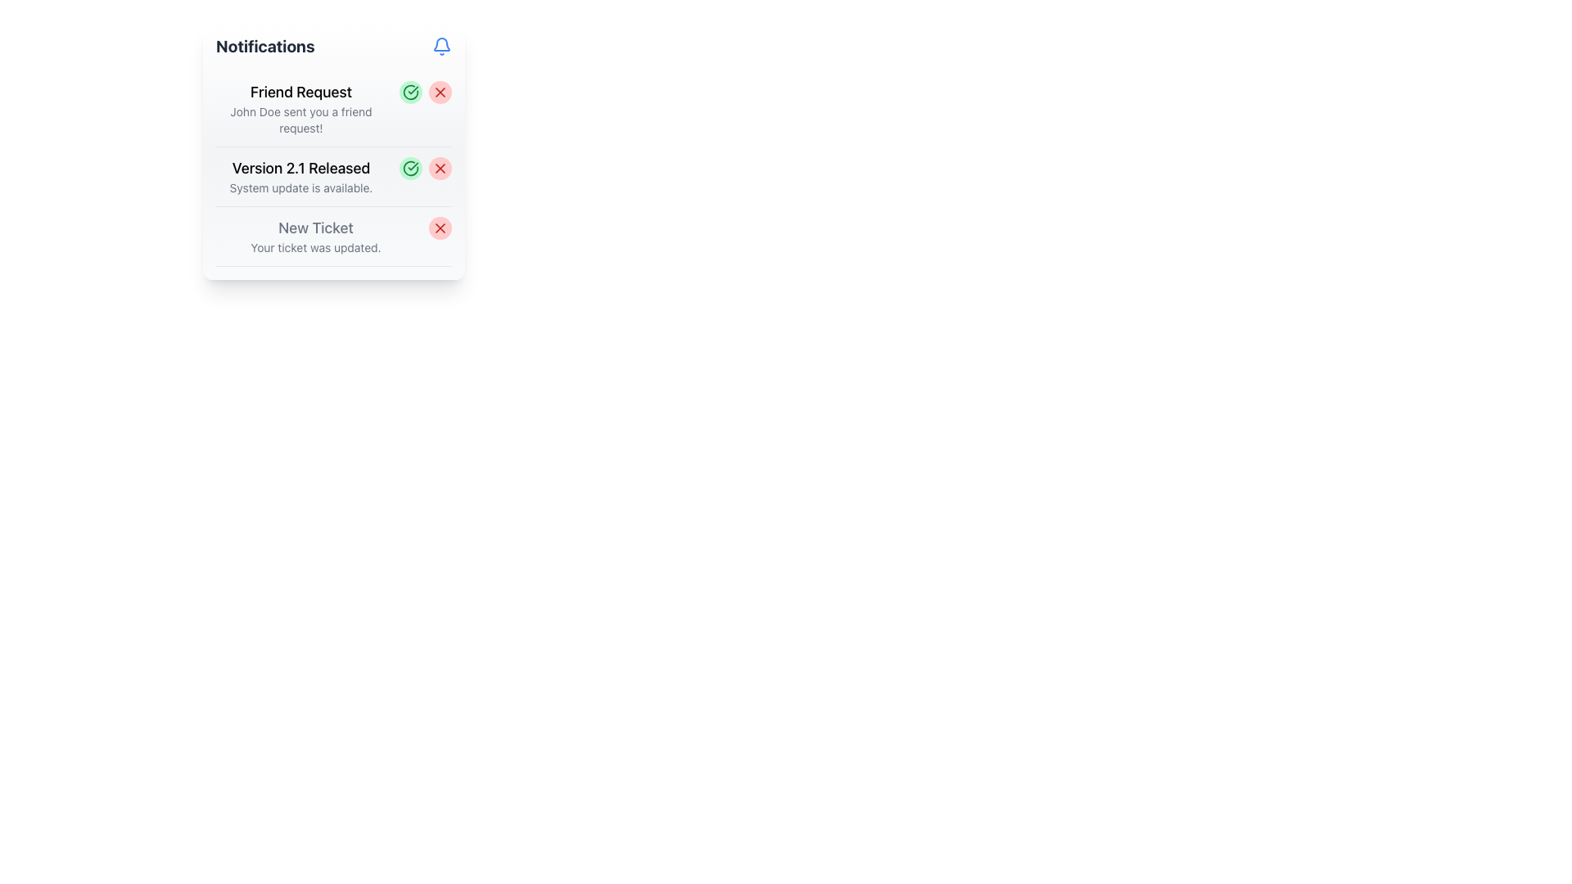 Image resolution: width=1572 pixels, height=884 pixels. Describe the element at coordinates (425, 92) in the screenshot. I see `the green button in the Button group with icons to accept the friend request, located to the right of the 'Friend Request' entry in the notifications list` at that location.